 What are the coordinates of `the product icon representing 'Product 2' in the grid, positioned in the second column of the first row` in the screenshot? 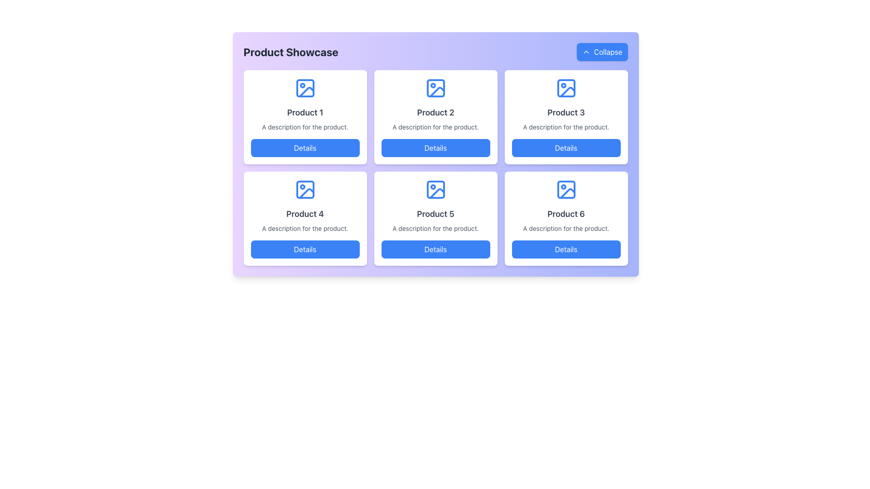 It's located at (435, 88).